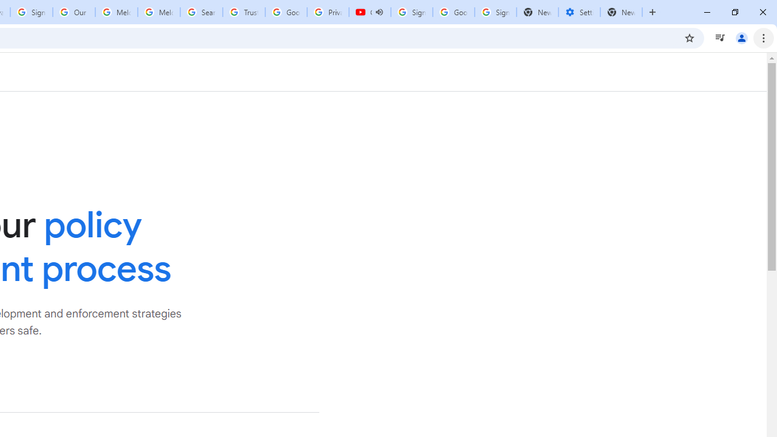 The image size is (777, 437). I want to click on 'Google Ads - Sign in', so click(285, 12).